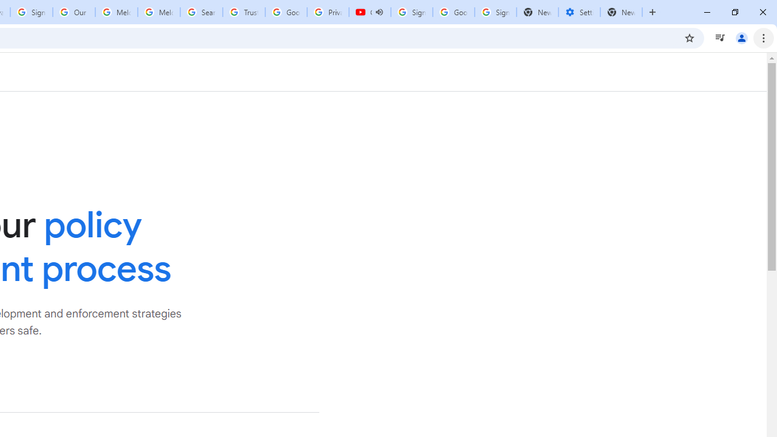 The image size is (777, 437). I want to click on 'Google Ads - Sign in', so click(285, 12).